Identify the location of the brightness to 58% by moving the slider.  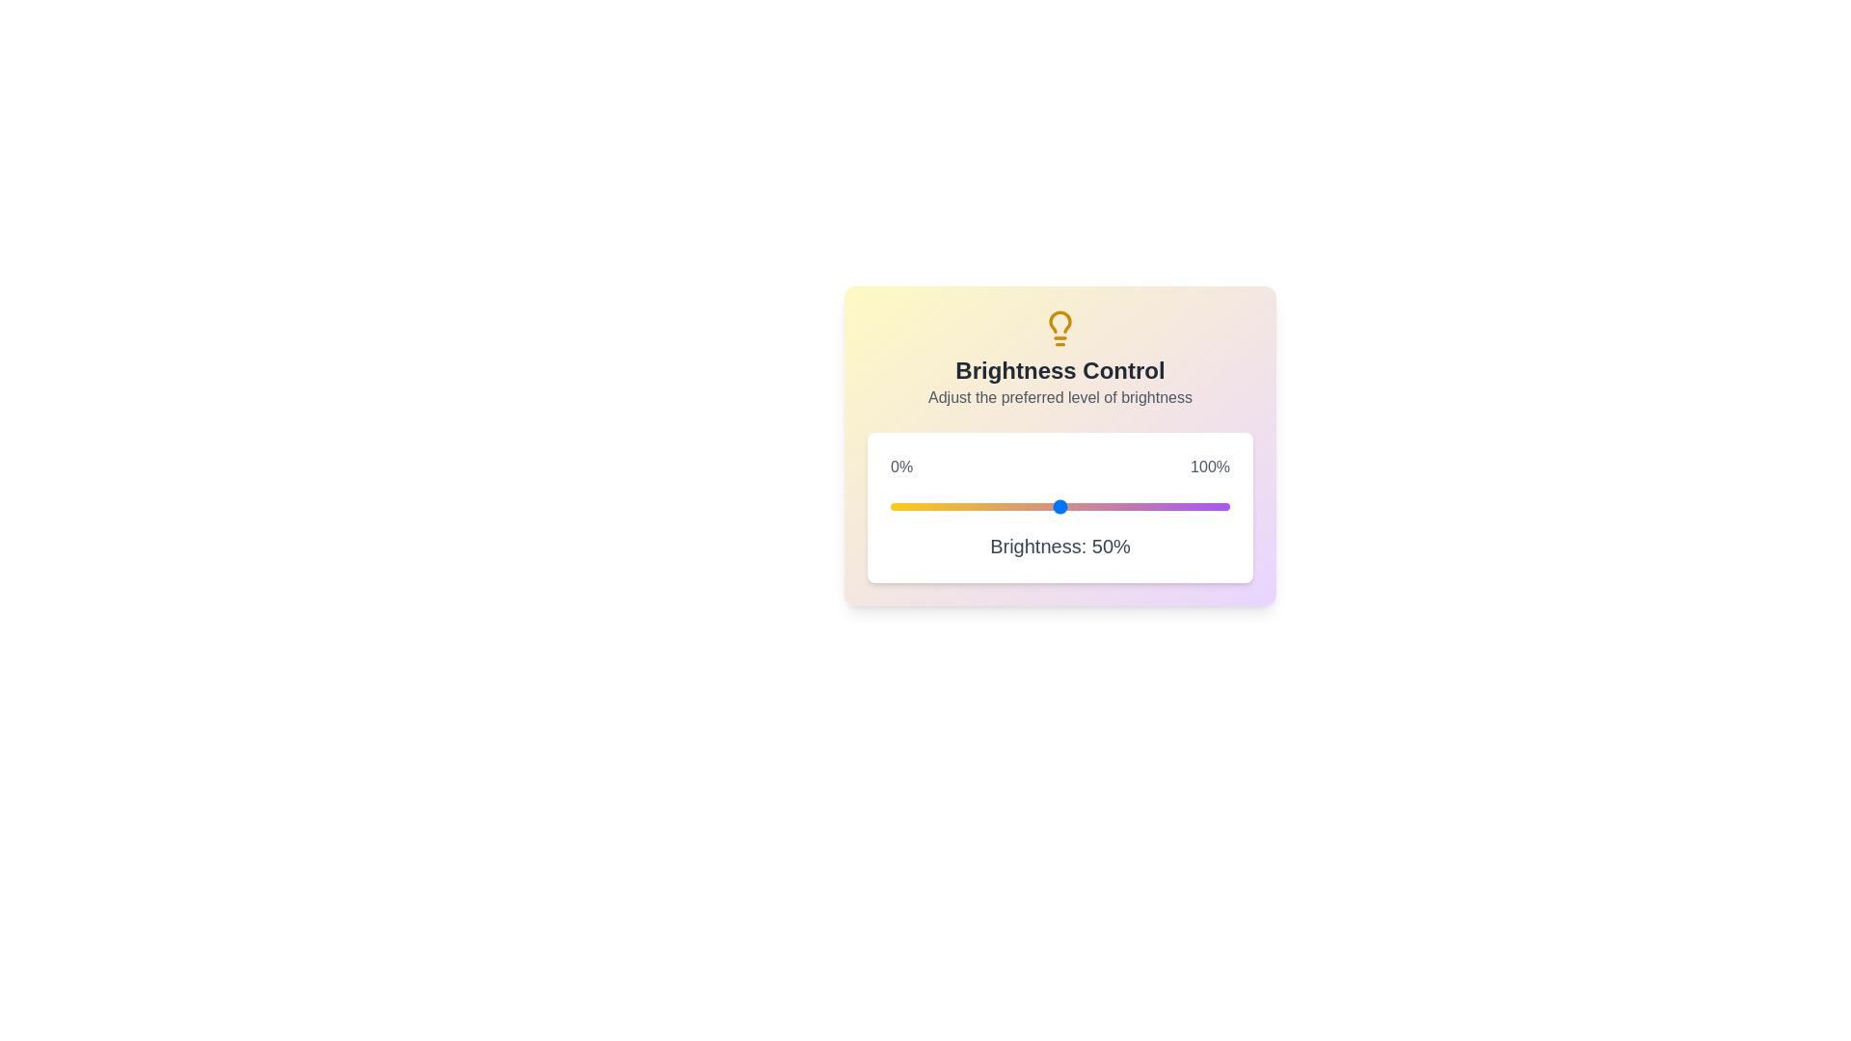
(1087, 505).